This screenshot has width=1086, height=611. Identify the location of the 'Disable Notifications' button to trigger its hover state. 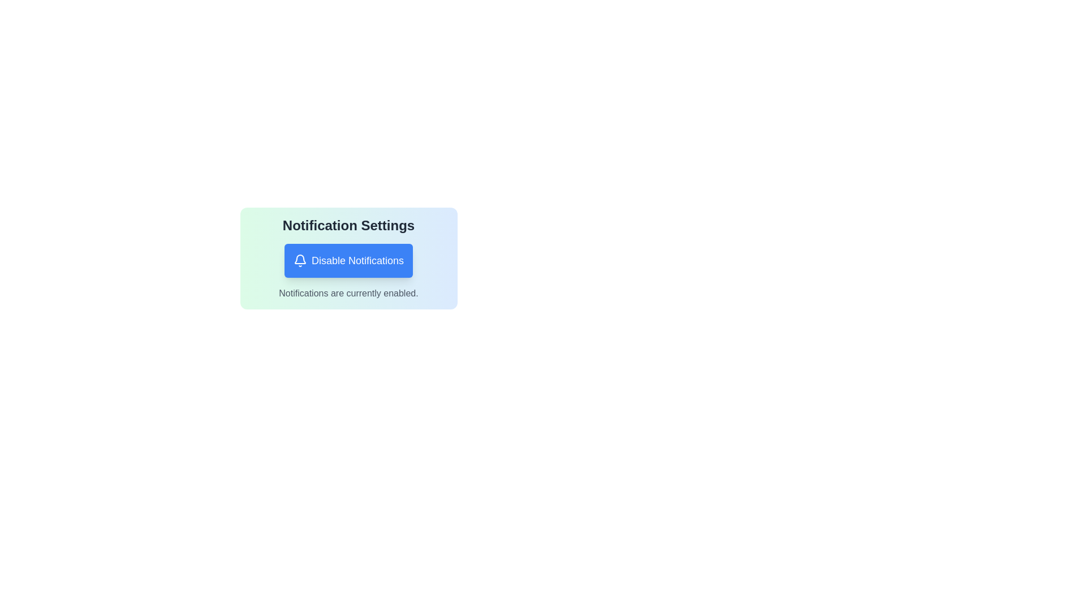
(347, 261).